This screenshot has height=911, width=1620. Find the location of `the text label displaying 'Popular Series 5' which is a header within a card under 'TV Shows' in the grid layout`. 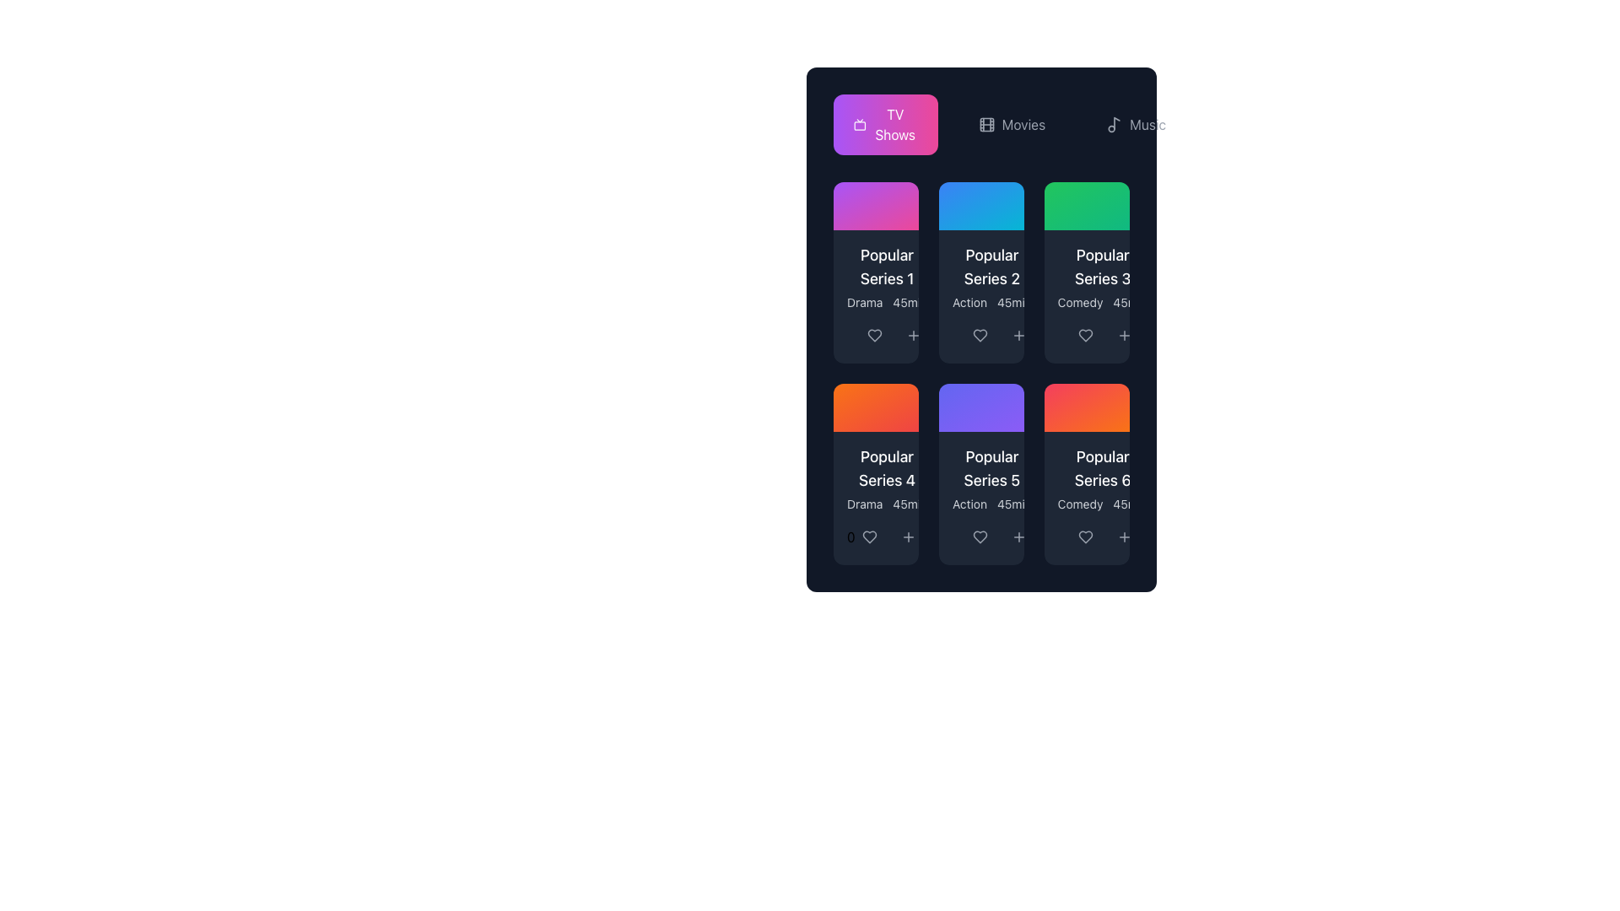

the text label displaying 'Popular Series 5' which is a header within a card under 'TV Shows' in the grid layout is located at coordinates (992, 468).